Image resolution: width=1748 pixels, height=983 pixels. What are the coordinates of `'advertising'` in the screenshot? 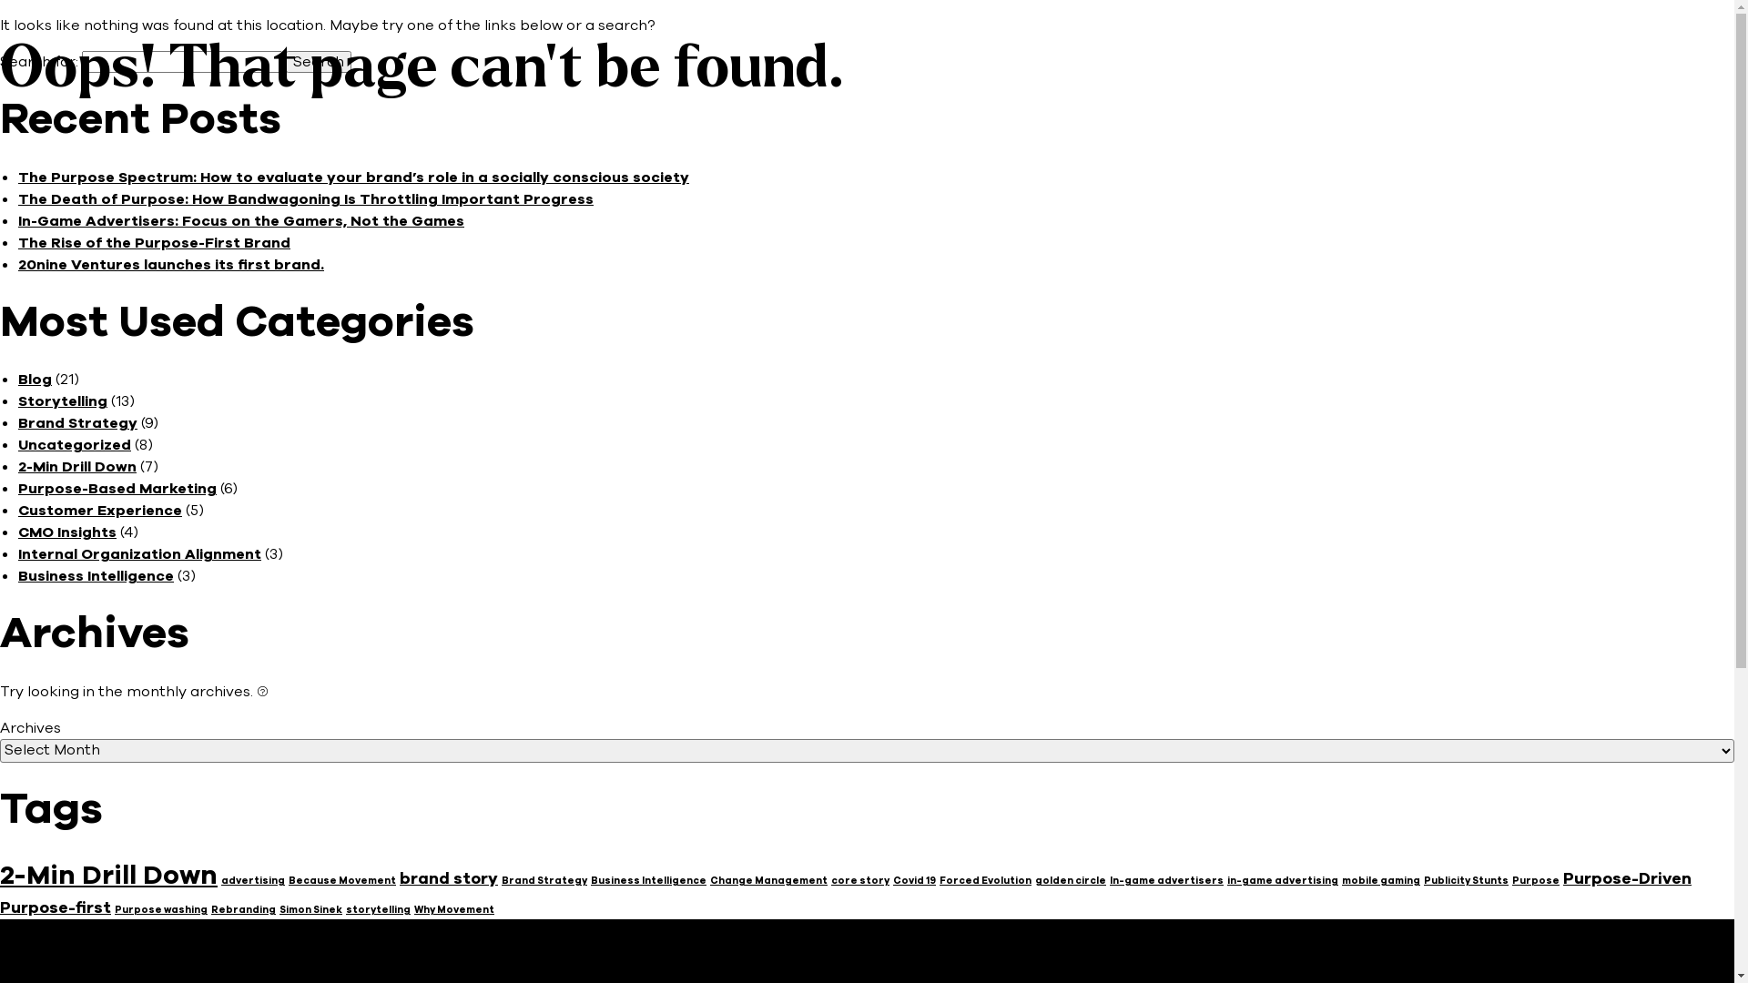 It's located at (252, 879).